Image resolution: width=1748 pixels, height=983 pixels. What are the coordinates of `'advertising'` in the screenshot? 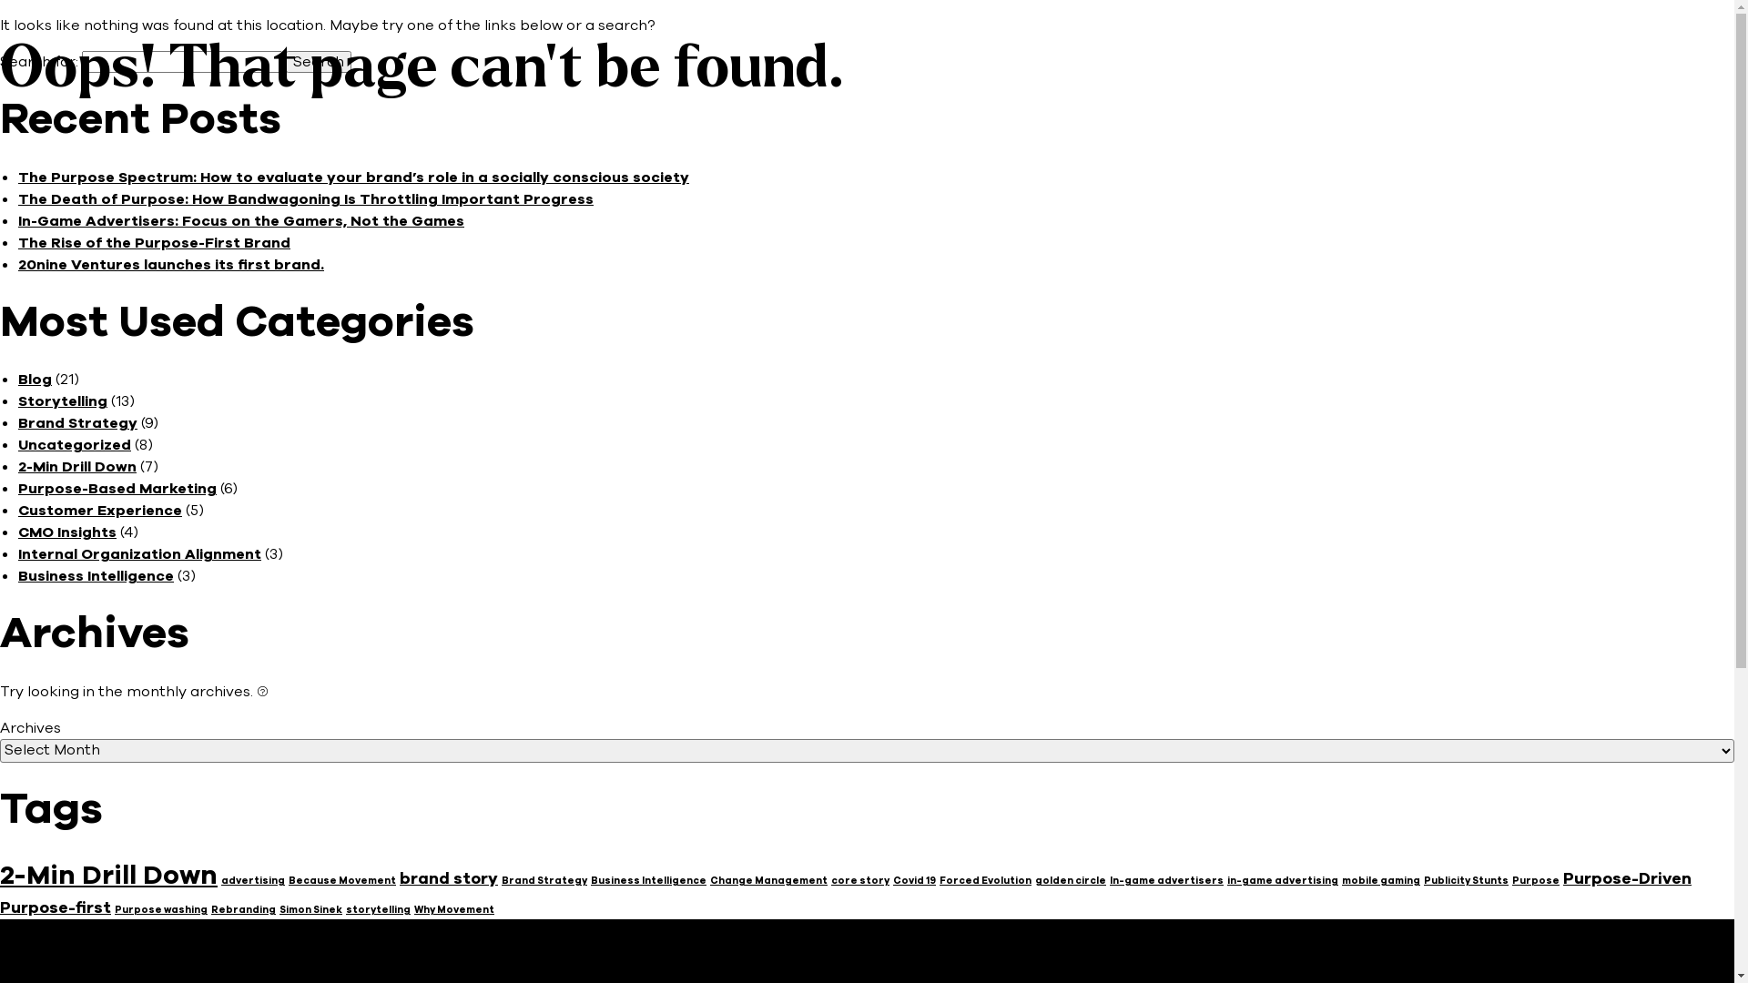 It's located at (252, 879).